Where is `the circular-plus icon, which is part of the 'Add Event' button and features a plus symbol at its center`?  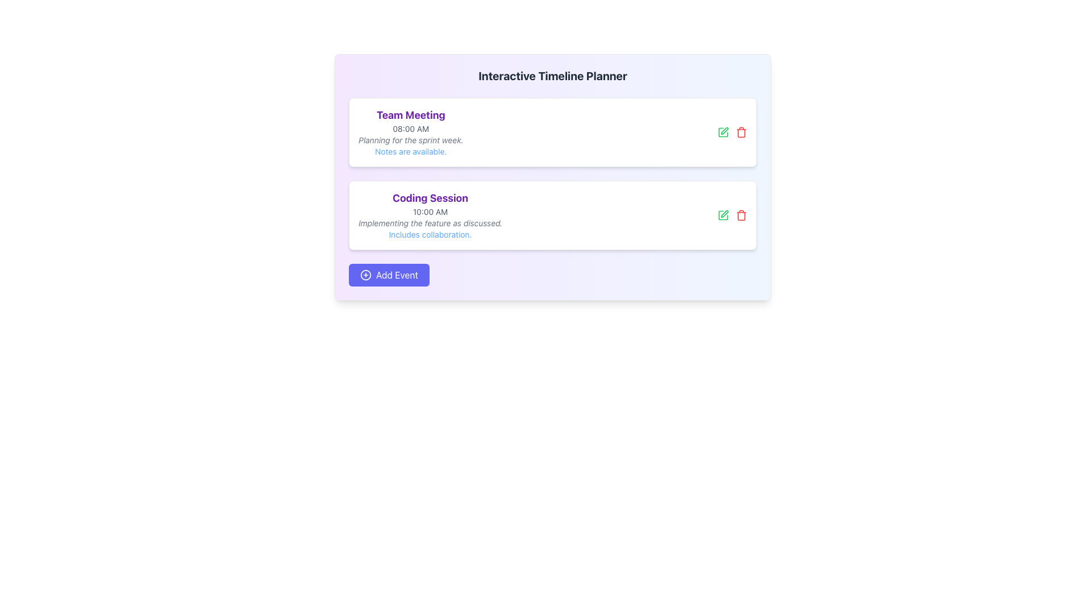
the circular-plus icon, which is part of the 'Add Event' button and features a plus symbol at its center is located at coordinates (365, 275).